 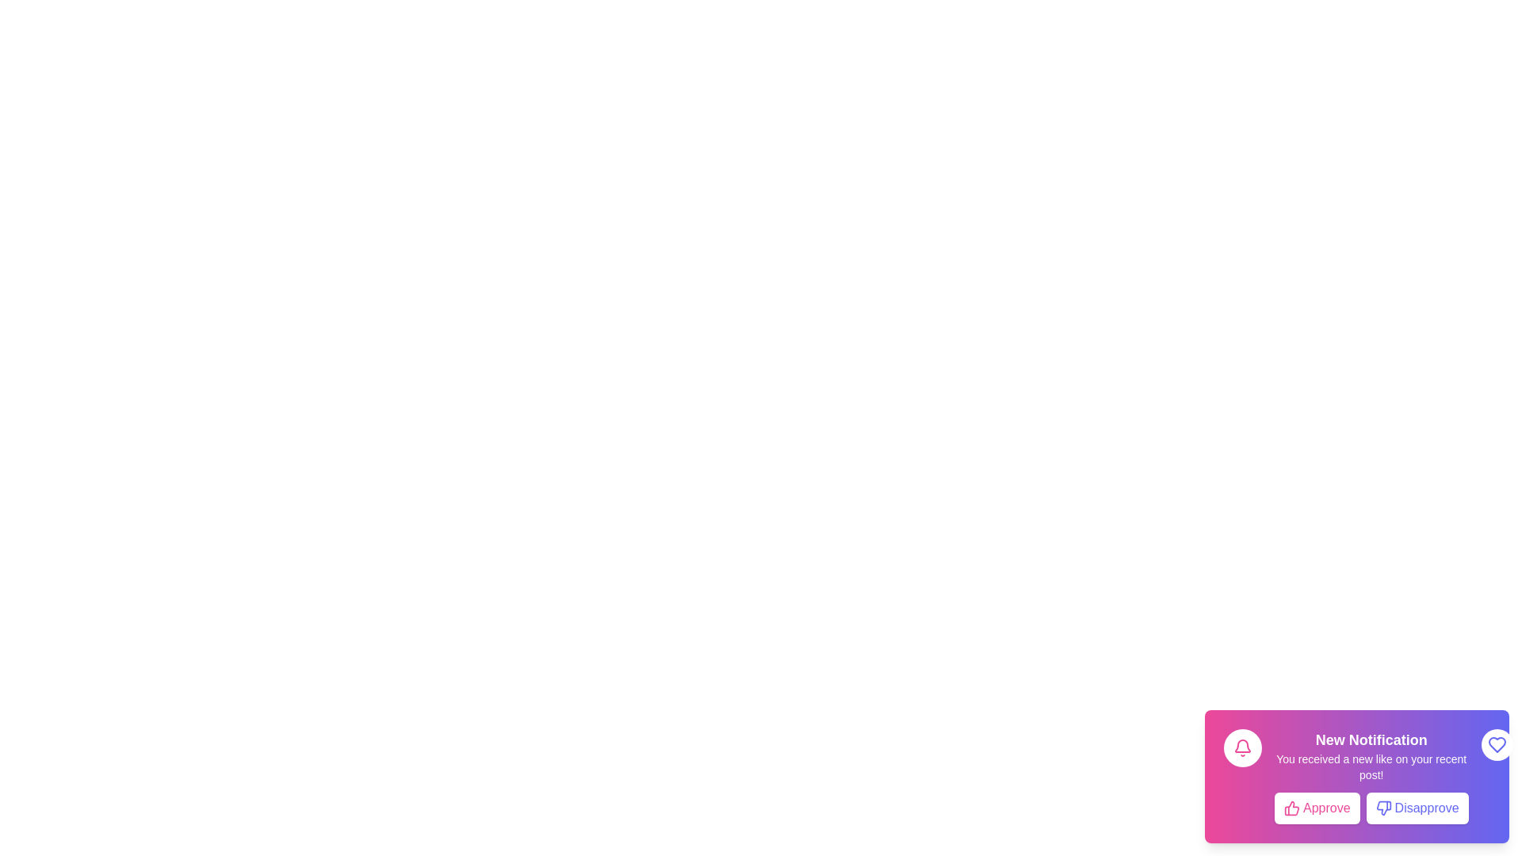 I want to click on the 'Approve' button to approve the notification, so click(x=1316, y=808).